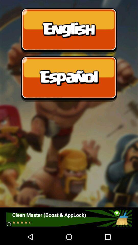 The image size is (138, 245). What do you see at coordinates (69, 79) in the screenshot?
I see `spanish language` at bounding box center [69, 79].